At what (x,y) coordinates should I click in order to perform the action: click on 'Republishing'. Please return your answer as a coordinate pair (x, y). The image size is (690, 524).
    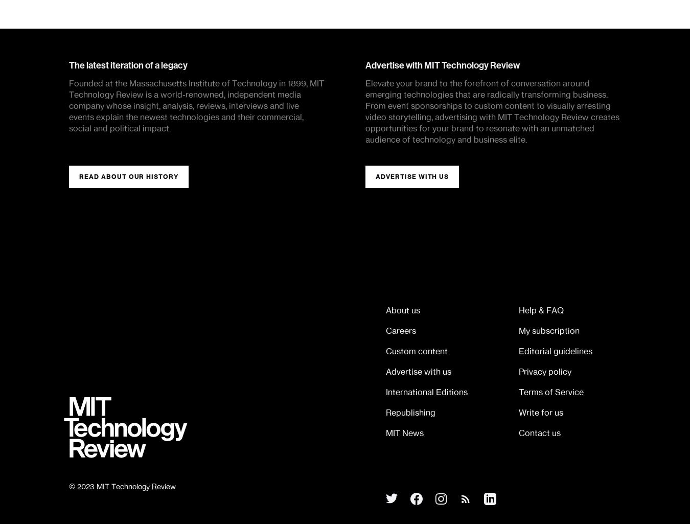
    Looking at the image, I should click on (410, 412).